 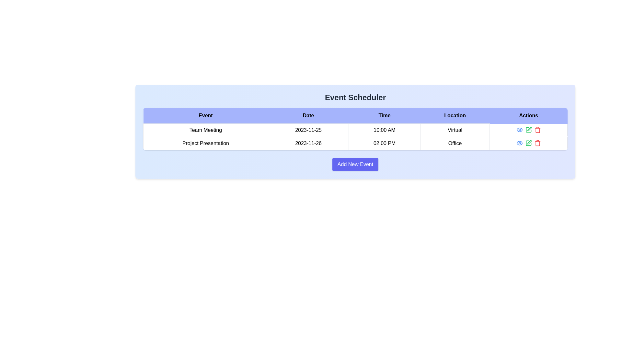 What do you see at coordinates (385, 130) in the screenshot?
I see `the static text content in the third column of the first row of the event schedule grid, which provides the schedule time for the associated event` at bounding box center [385, 130].